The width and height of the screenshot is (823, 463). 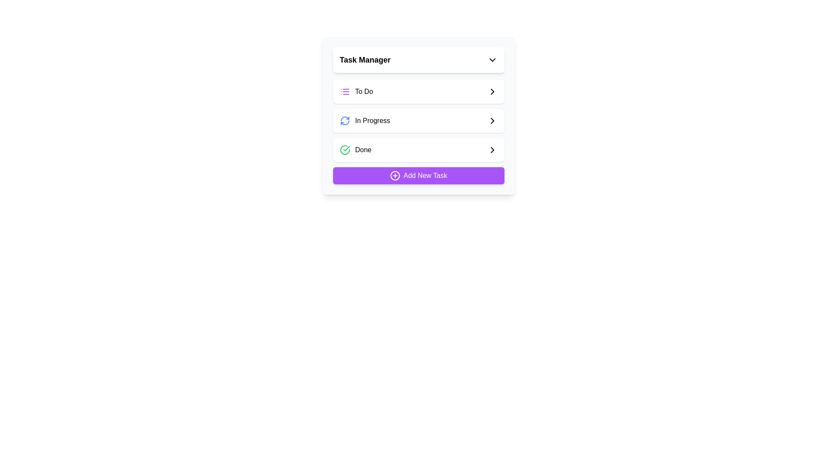 I want to click on the 'To Do' category label with icon in the task management system, positioned beneath the 'Task Manager' heading, so click(x=356, y=91).